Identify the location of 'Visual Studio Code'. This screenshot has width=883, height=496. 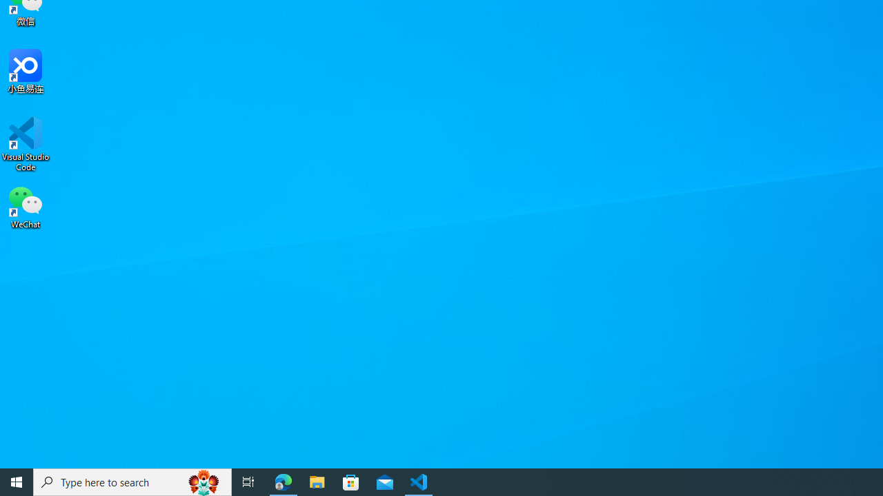
(26, 144).